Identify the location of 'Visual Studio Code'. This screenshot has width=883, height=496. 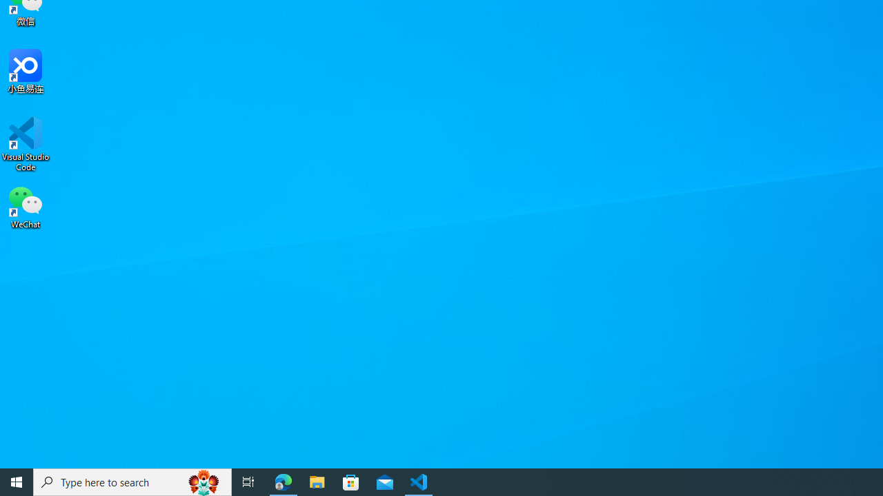
(26, 144).